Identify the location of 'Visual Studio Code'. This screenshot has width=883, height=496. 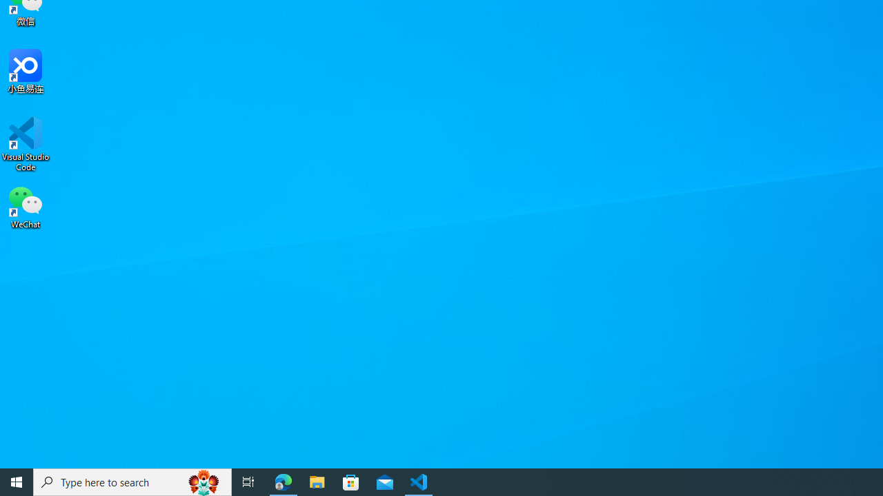
(26, 144).